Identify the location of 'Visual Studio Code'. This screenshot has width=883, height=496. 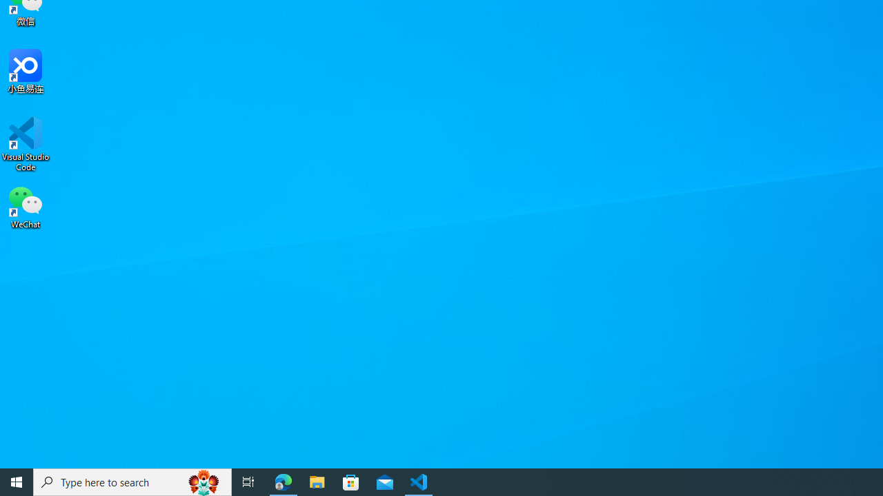
(26, 144).